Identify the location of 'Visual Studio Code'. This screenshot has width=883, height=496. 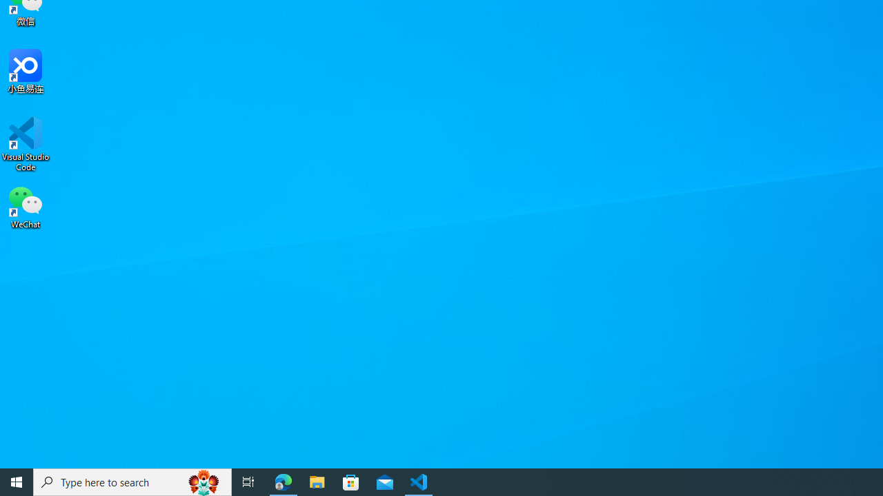
(26, 144).